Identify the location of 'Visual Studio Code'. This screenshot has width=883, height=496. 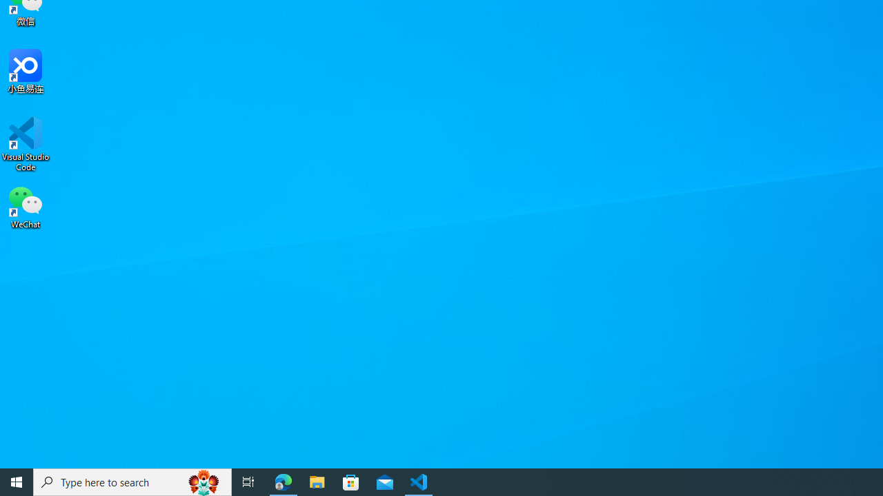
(26, 144).